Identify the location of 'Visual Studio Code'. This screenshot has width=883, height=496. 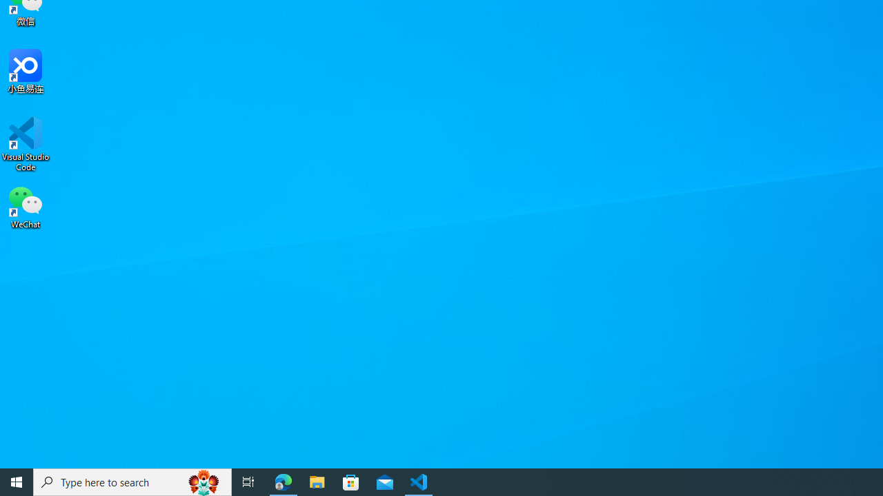
(26, 144).